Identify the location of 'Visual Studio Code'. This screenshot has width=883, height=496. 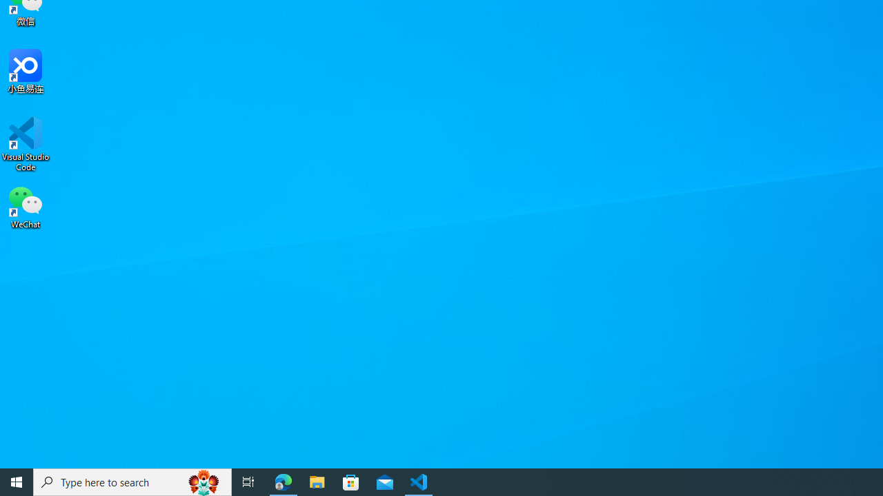
(26, 144).